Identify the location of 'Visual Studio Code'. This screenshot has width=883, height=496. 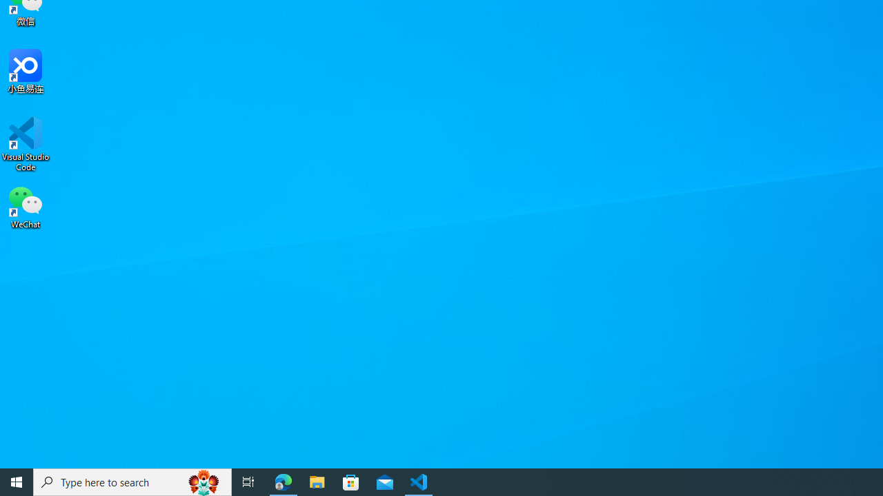
(26, 144).